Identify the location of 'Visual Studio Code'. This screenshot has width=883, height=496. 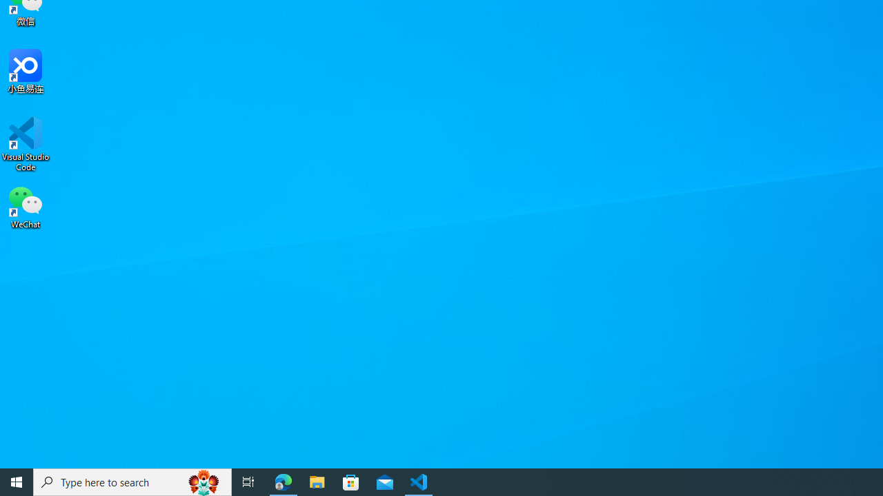
(26, 144).